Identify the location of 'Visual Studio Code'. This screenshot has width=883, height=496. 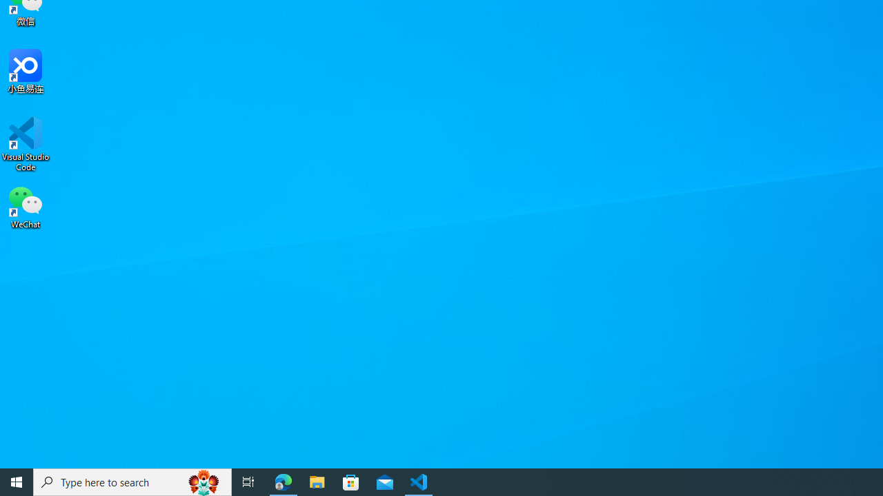
(26, 144).